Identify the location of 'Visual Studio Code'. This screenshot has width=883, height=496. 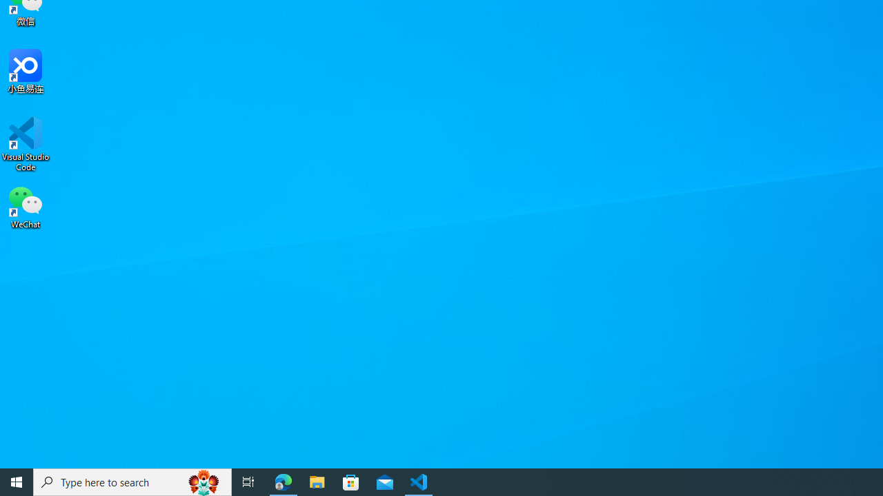
(26, 144).